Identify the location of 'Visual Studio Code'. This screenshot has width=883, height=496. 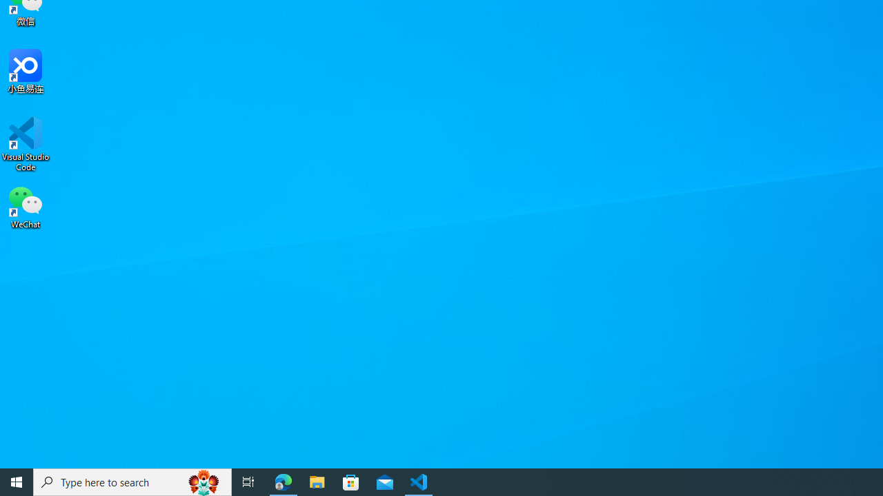
(26, 144).